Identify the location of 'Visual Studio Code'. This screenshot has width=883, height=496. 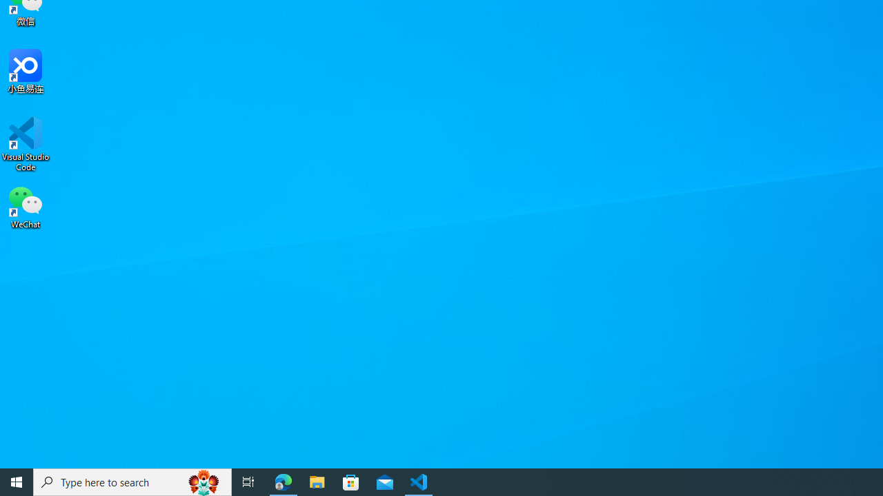
(26, 144).